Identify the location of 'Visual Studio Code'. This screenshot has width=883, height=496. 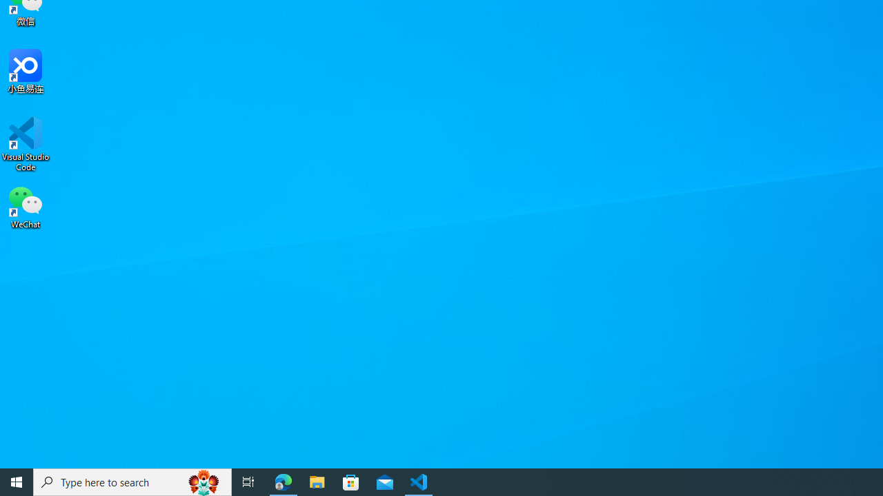
(26, 144).